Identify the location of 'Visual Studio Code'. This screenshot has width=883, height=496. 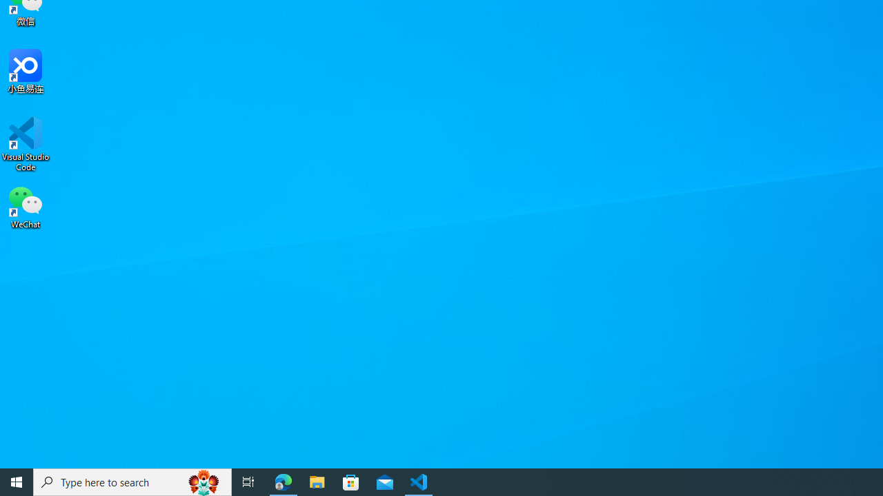
(26, 144).